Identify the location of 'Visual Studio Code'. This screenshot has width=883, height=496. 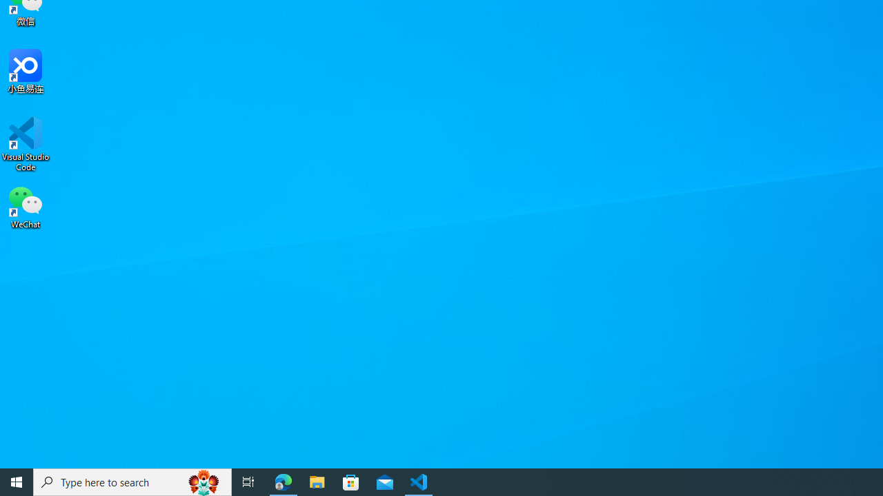
(26, 144).